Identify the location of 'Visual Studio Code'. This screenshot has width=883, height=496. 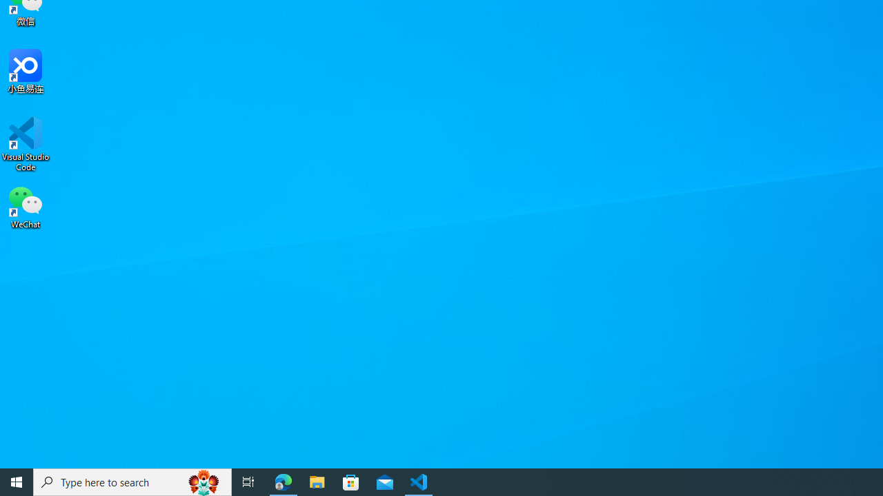
(26, 144).